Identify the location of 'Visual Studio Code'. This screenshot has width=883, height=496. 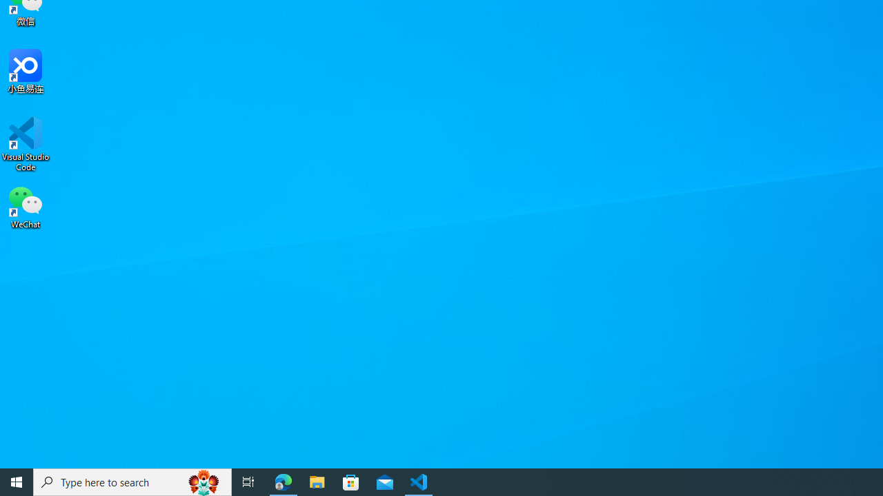
(26, 144).